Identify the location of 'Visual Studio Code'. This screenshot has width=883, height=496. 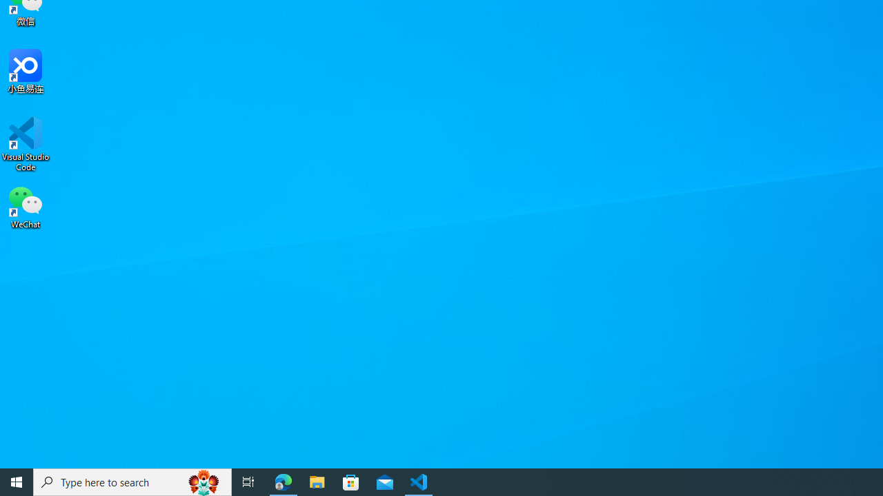
(26, 144).